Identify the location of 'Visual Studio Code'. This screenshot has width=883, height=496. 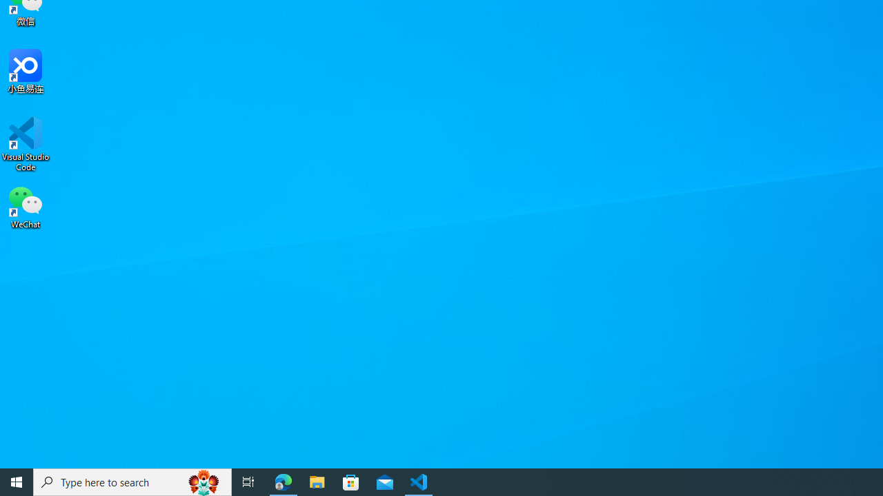
(26, 144).